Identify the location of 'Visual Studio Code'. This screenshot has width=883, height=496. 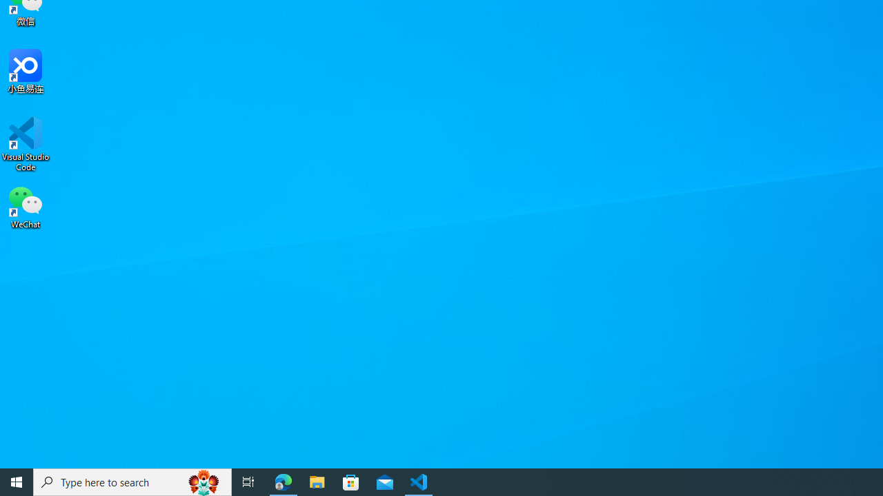
(26, 144).